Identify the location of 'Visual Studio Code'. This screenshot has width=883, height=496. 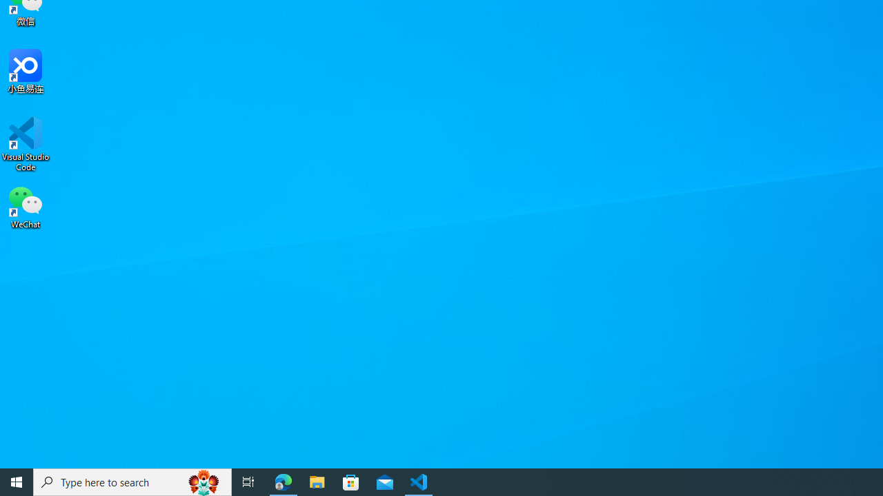
(26, 144).